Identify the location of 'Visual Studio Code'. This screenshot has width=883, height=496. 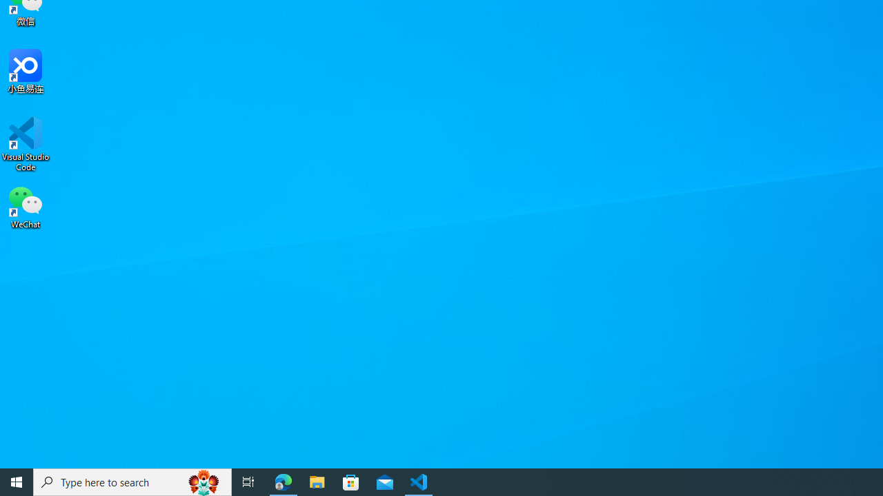
(26, 144).